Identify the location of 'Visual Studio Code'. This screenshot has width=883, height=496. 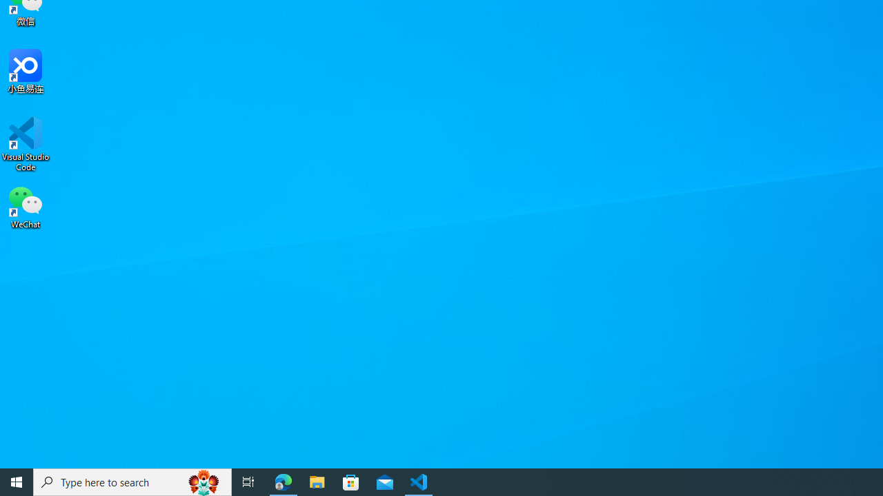
(26, 144).